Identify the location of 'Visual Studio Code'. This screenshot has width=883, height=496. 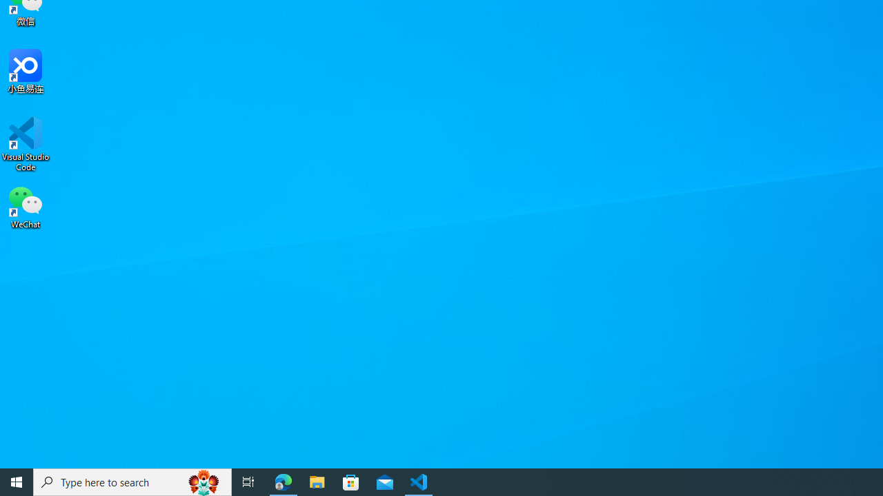
(26, 144).